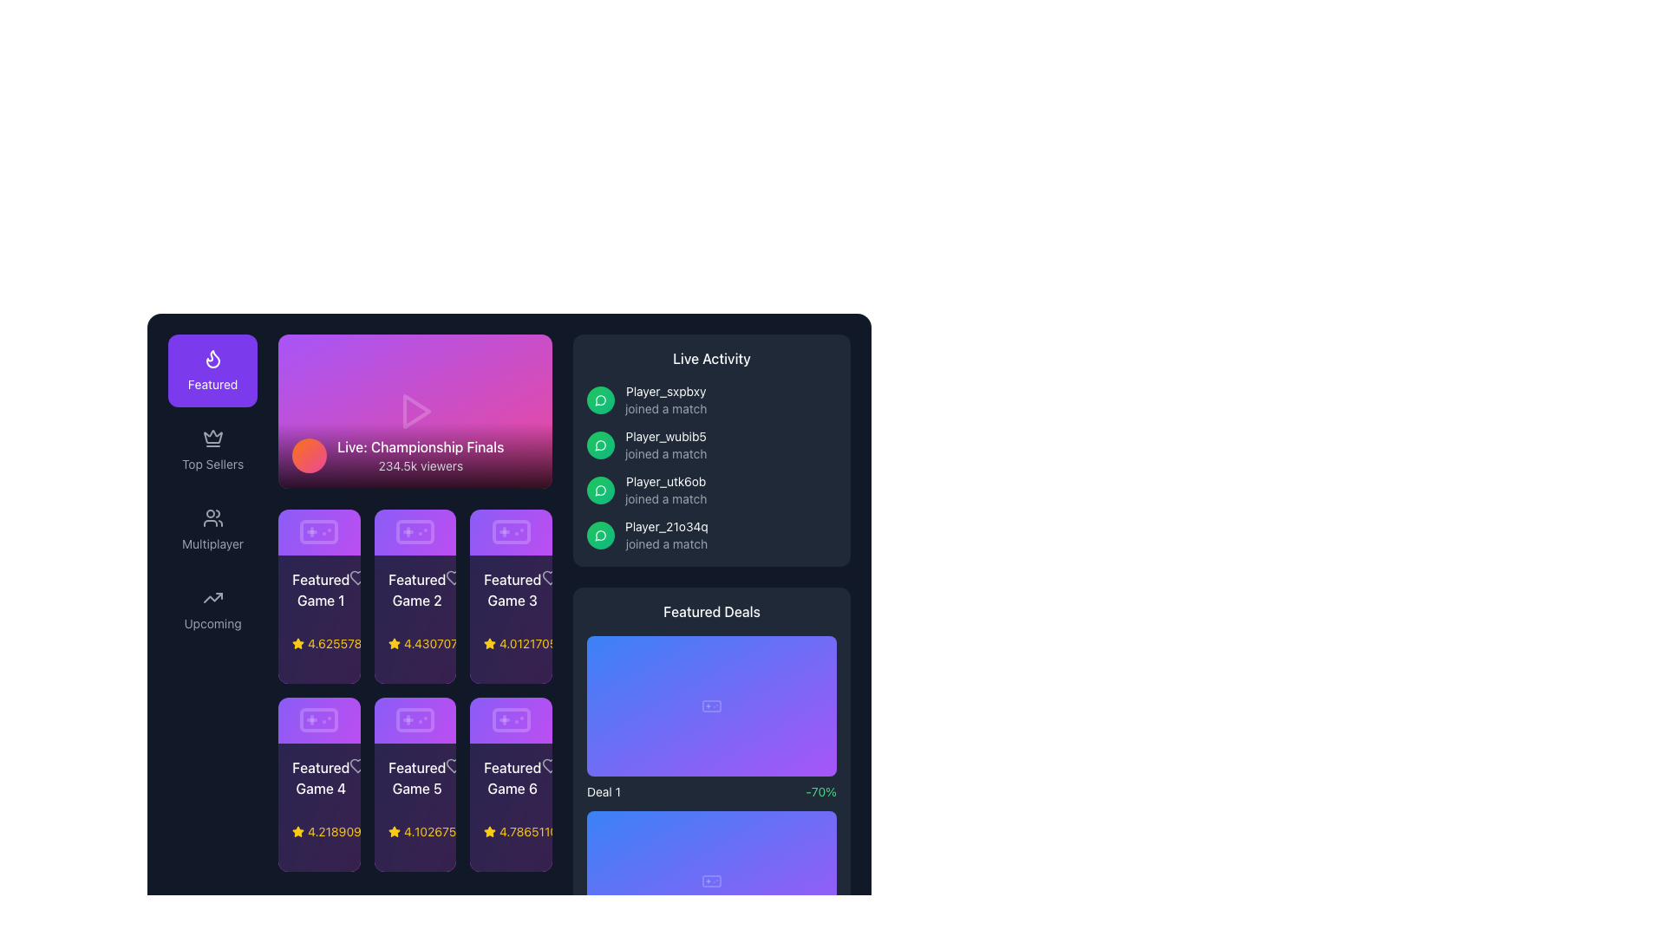  What do you see at coordinates (212, 609) in the screenshot?
I see `the rectangular button labeled 'Upcoming' with an upward arrow icon, located in the left navigation panel` at bounding box center [212, 609].